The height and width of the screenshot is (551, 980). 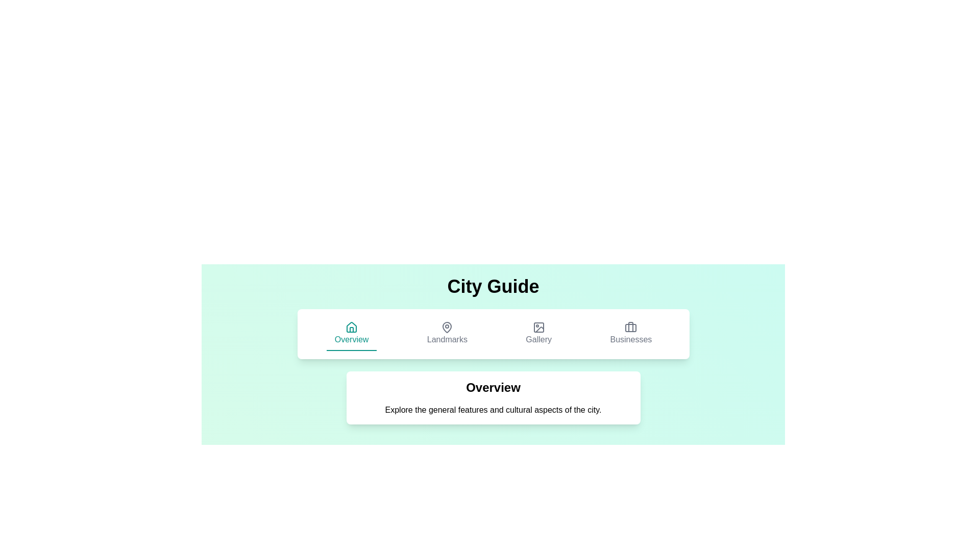 I want to click on text content of the 'Gallery' label located beneath its icon in the navigation bar, so click(x=538, y=340).